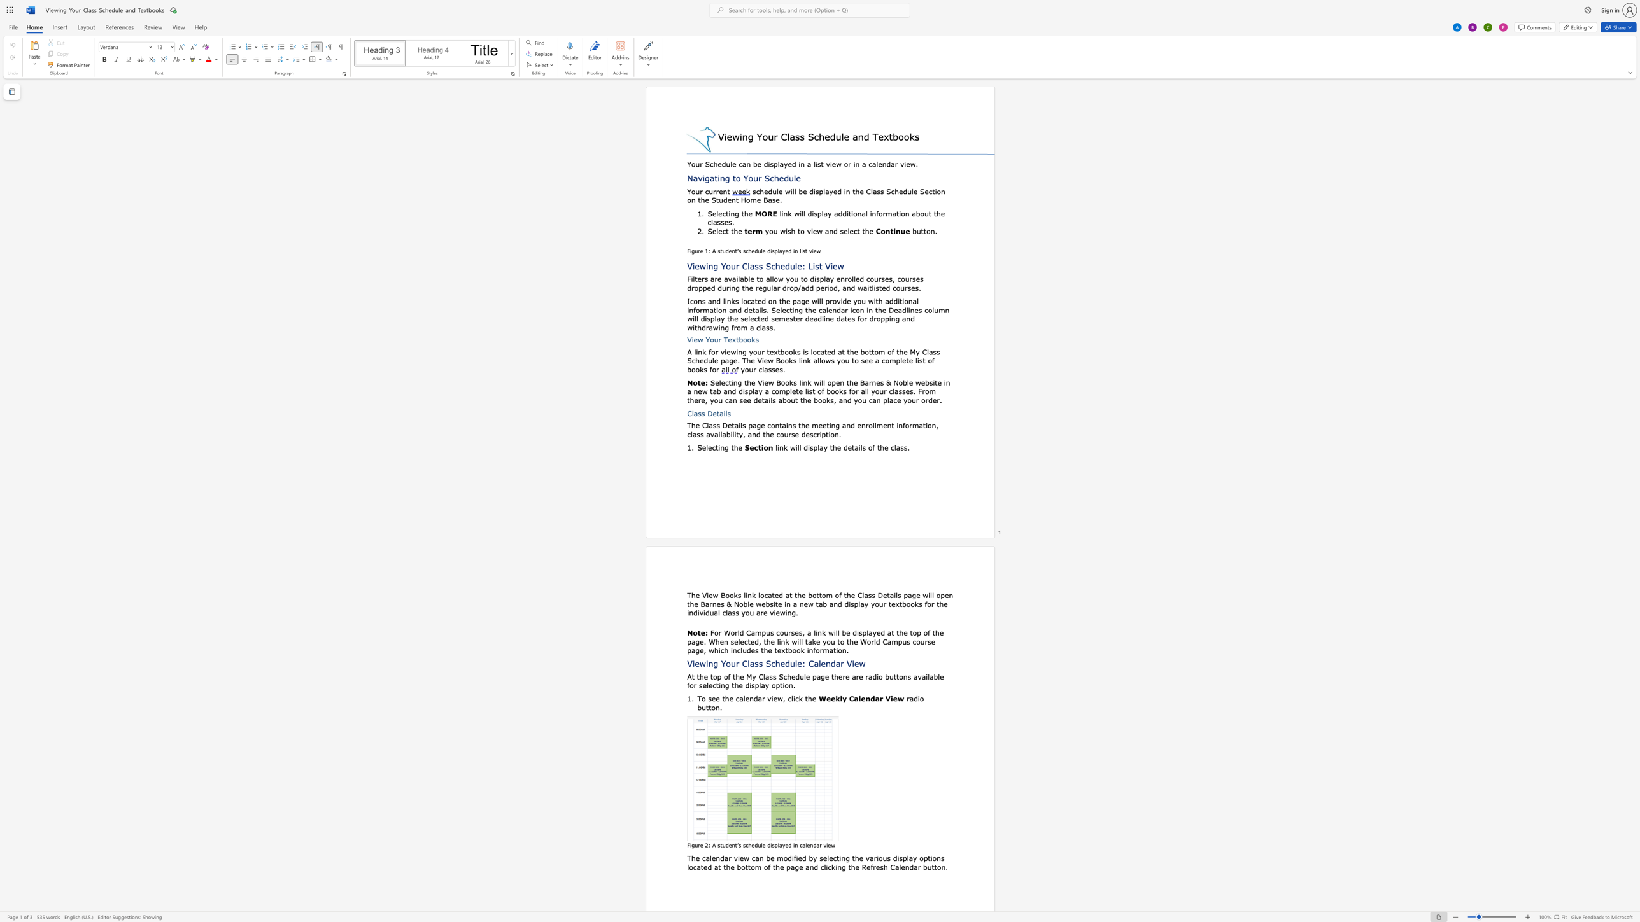 This screenshot has height=922, width=1640. I want to click on the 1th character "h" in the text, so click(735, 447).